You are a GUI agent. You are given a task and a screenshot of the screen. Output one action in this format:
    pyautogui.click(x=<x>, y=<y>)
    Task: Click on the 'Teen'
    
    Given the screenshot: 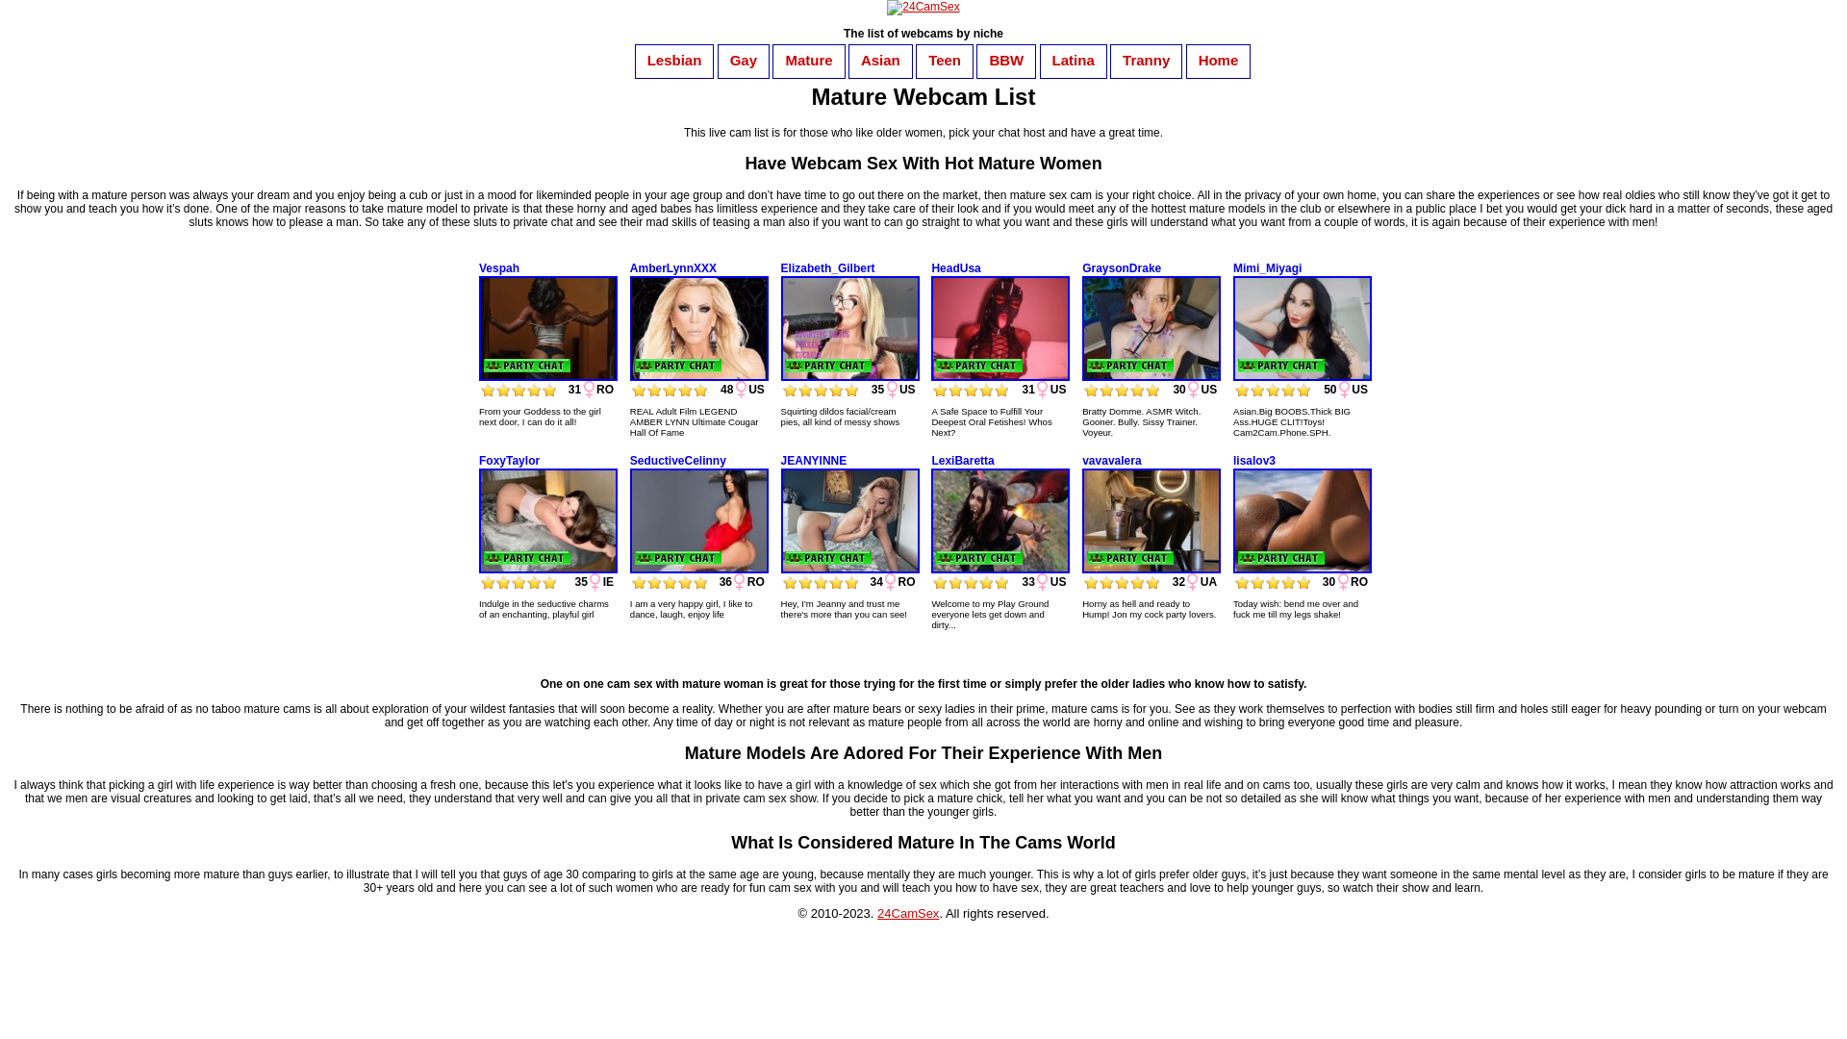 What is the action you would take?
    pyautogui.click(x=945, y=59)
    